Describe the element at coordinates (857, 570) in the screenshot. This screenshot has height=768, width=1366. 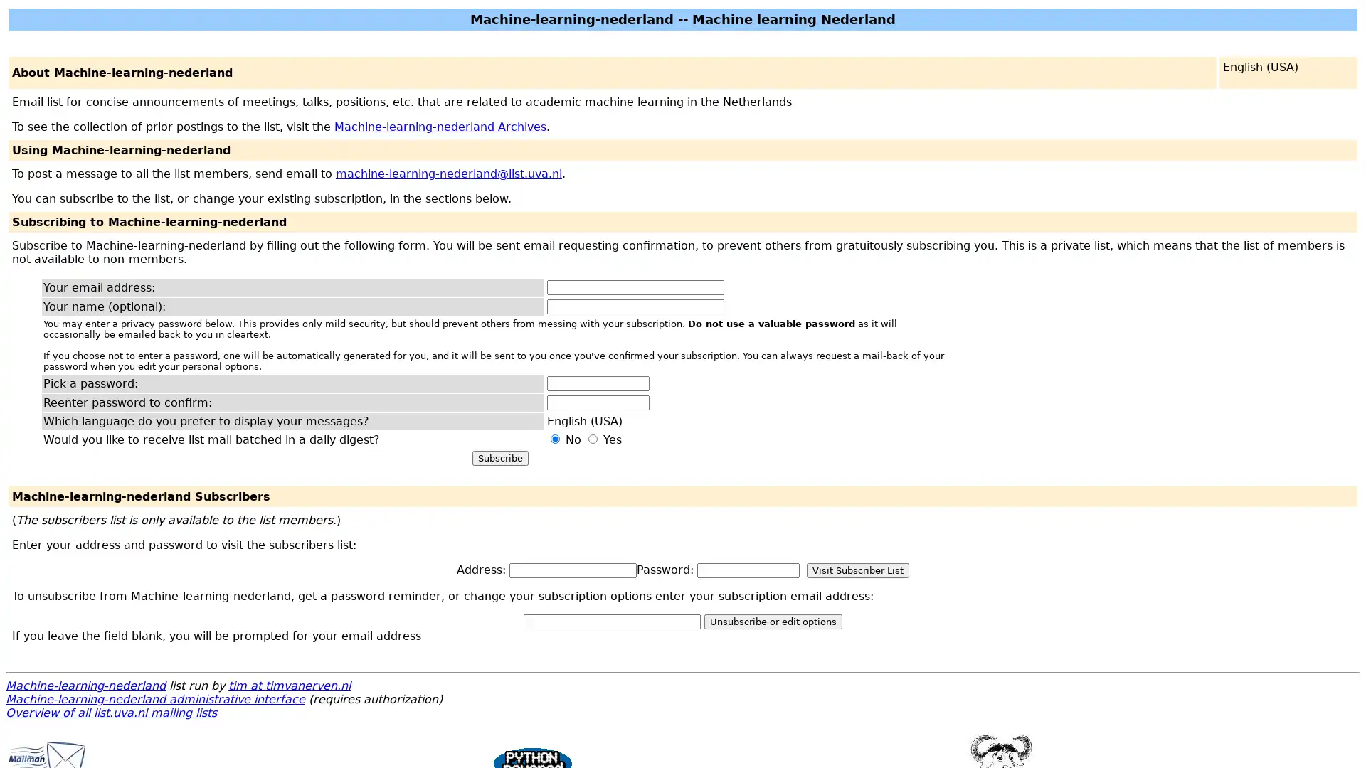
I see `Visit Subscriber List` at that location.